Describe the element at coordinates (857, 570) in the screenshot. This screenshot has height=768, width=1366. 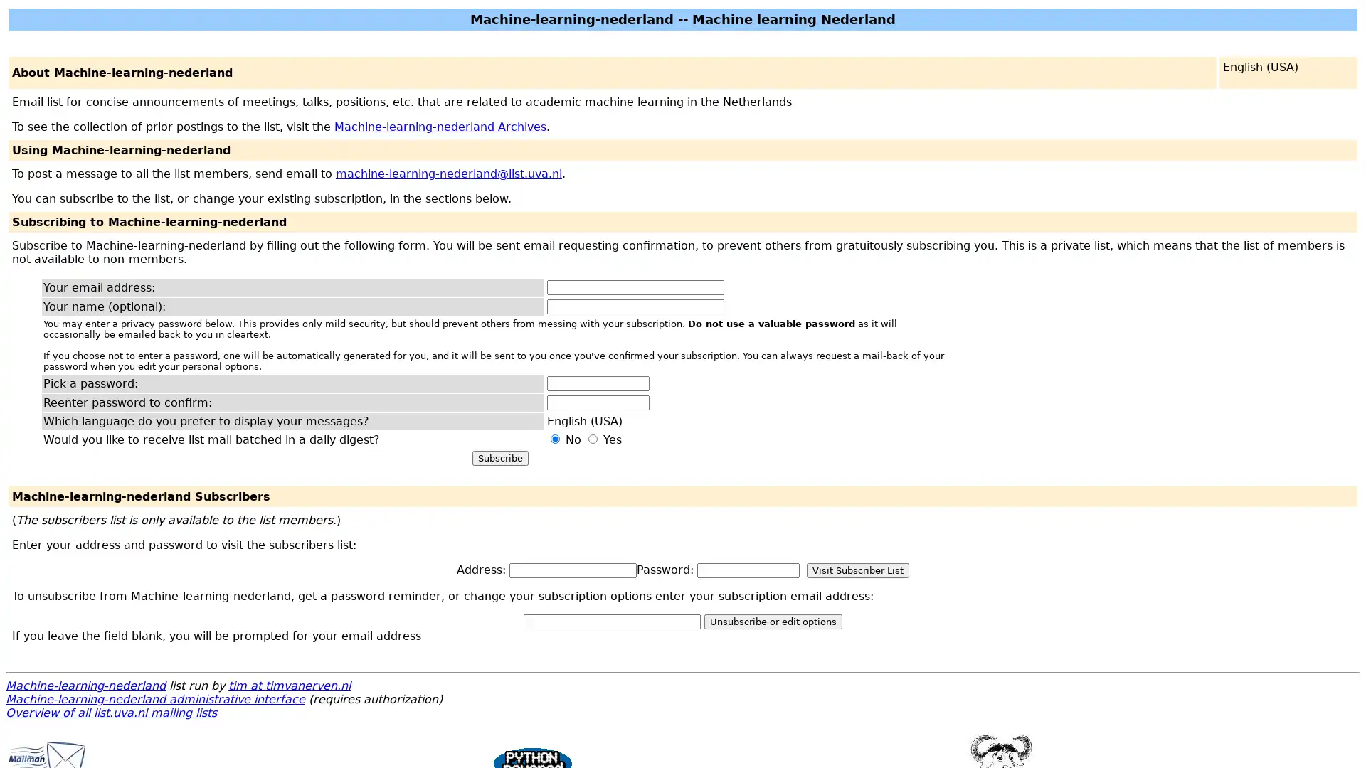
I see `Visit Subscriber List` at that location.